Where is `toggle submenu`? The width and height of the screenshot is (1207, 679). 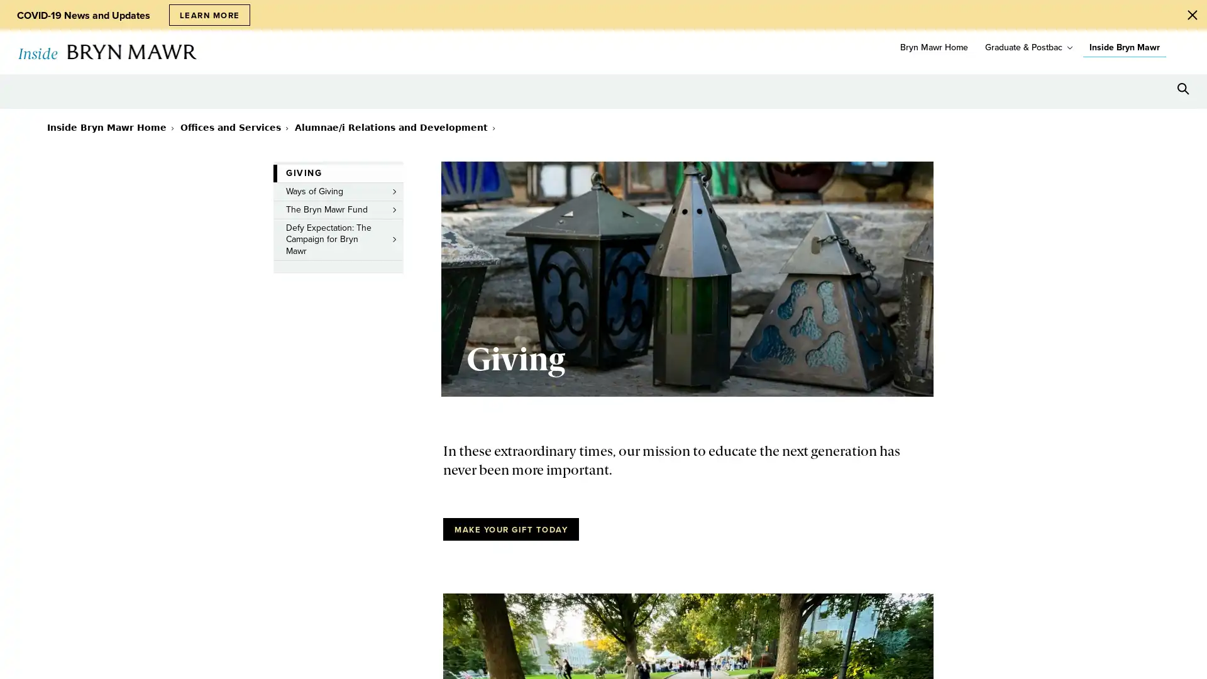
toggle submenu is located at coordinates (351, 82).